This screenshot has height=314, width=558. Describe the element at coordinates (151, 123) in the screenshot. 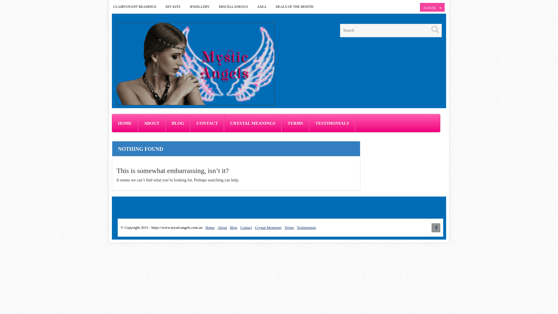

I see `'ABOUT'` at that location.